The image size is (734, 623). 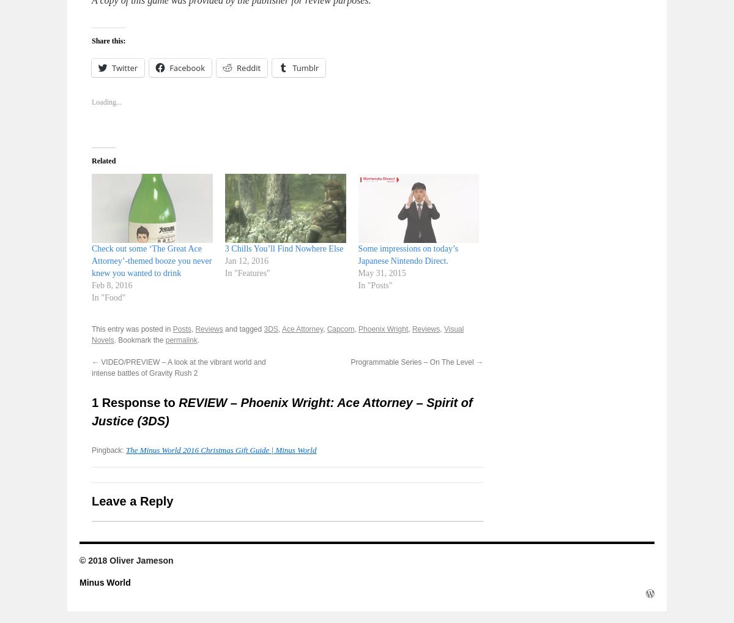 What do you see at coordinates (79, 560) in the screenshot?
I see `'© 2018 Oliver Jameson'` at bounding box center [79, 560].